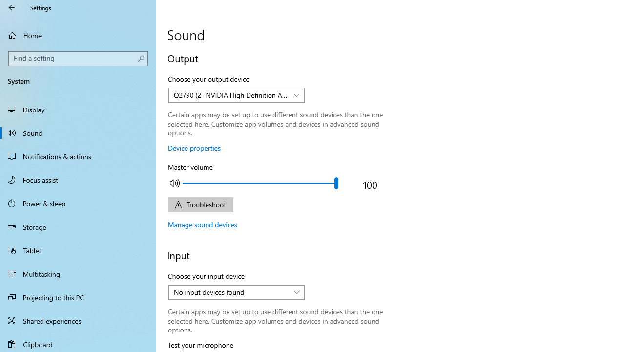  Describe the element at coordinates (200, 204) in the screenshot. I see `'Output device troubleshoot'` at that location.